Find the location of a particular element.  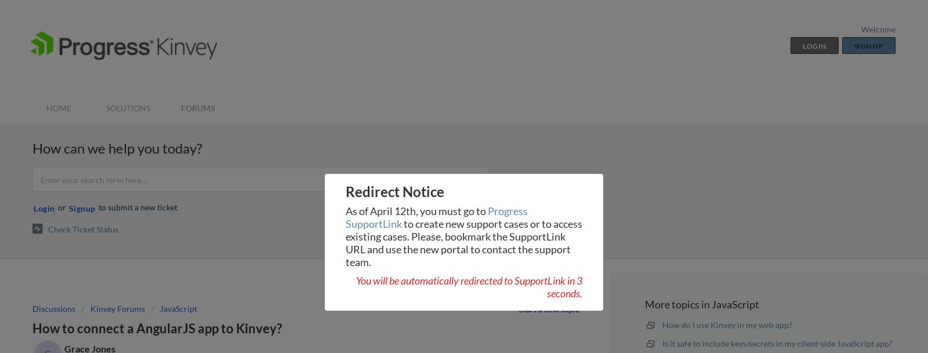

'or' is located at coordinates (61, 207).